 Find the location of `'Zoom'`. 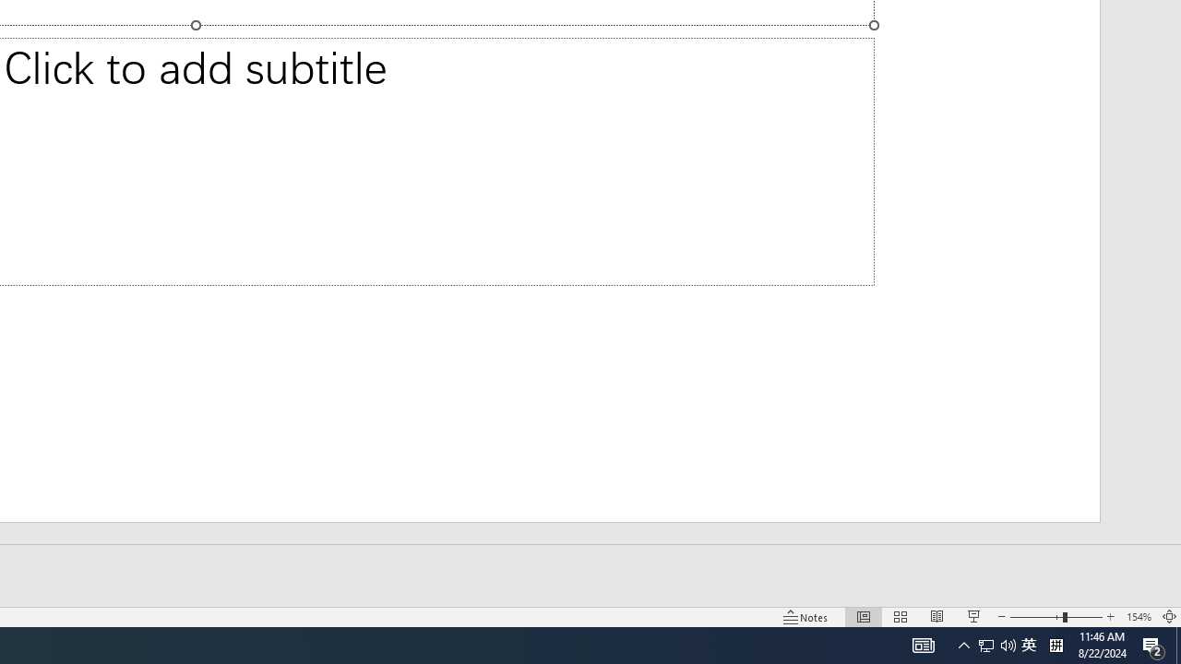

'Zoom' is located at coordinates (1056, 617).